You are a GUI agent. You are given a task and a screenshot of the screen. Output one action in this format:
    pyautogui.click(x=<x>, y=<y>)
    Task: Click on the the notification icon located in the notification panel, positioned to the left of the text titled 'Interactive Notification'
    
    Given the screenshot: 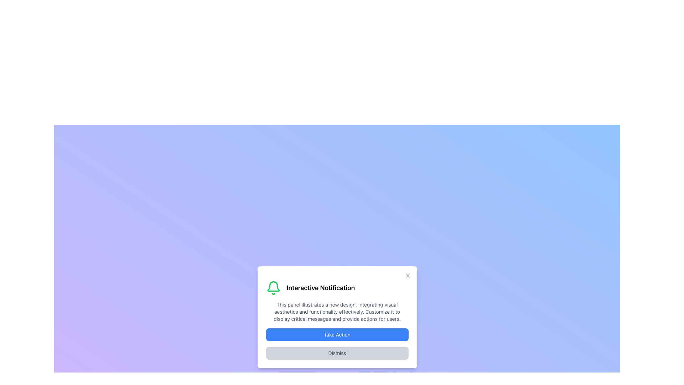 What is the action you would take?
    pyautogui.click(x=273, y=286)
    